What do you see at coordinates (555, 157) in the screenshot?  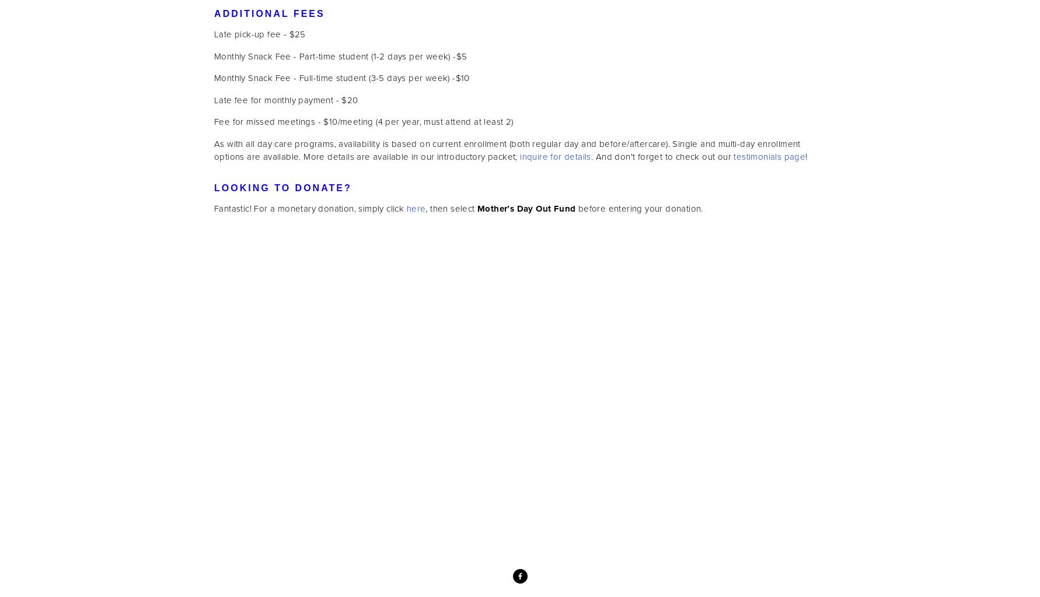 I see `'inquire for details'` at bounding box center [555, 157].